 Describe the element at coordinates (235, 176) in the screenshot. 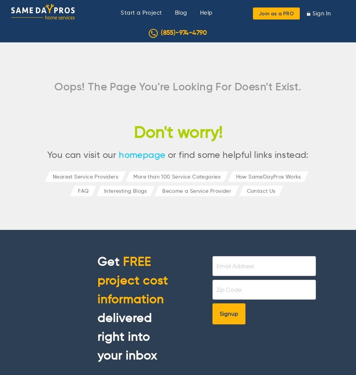

I see `'How SameDayPros Works'` at that location.